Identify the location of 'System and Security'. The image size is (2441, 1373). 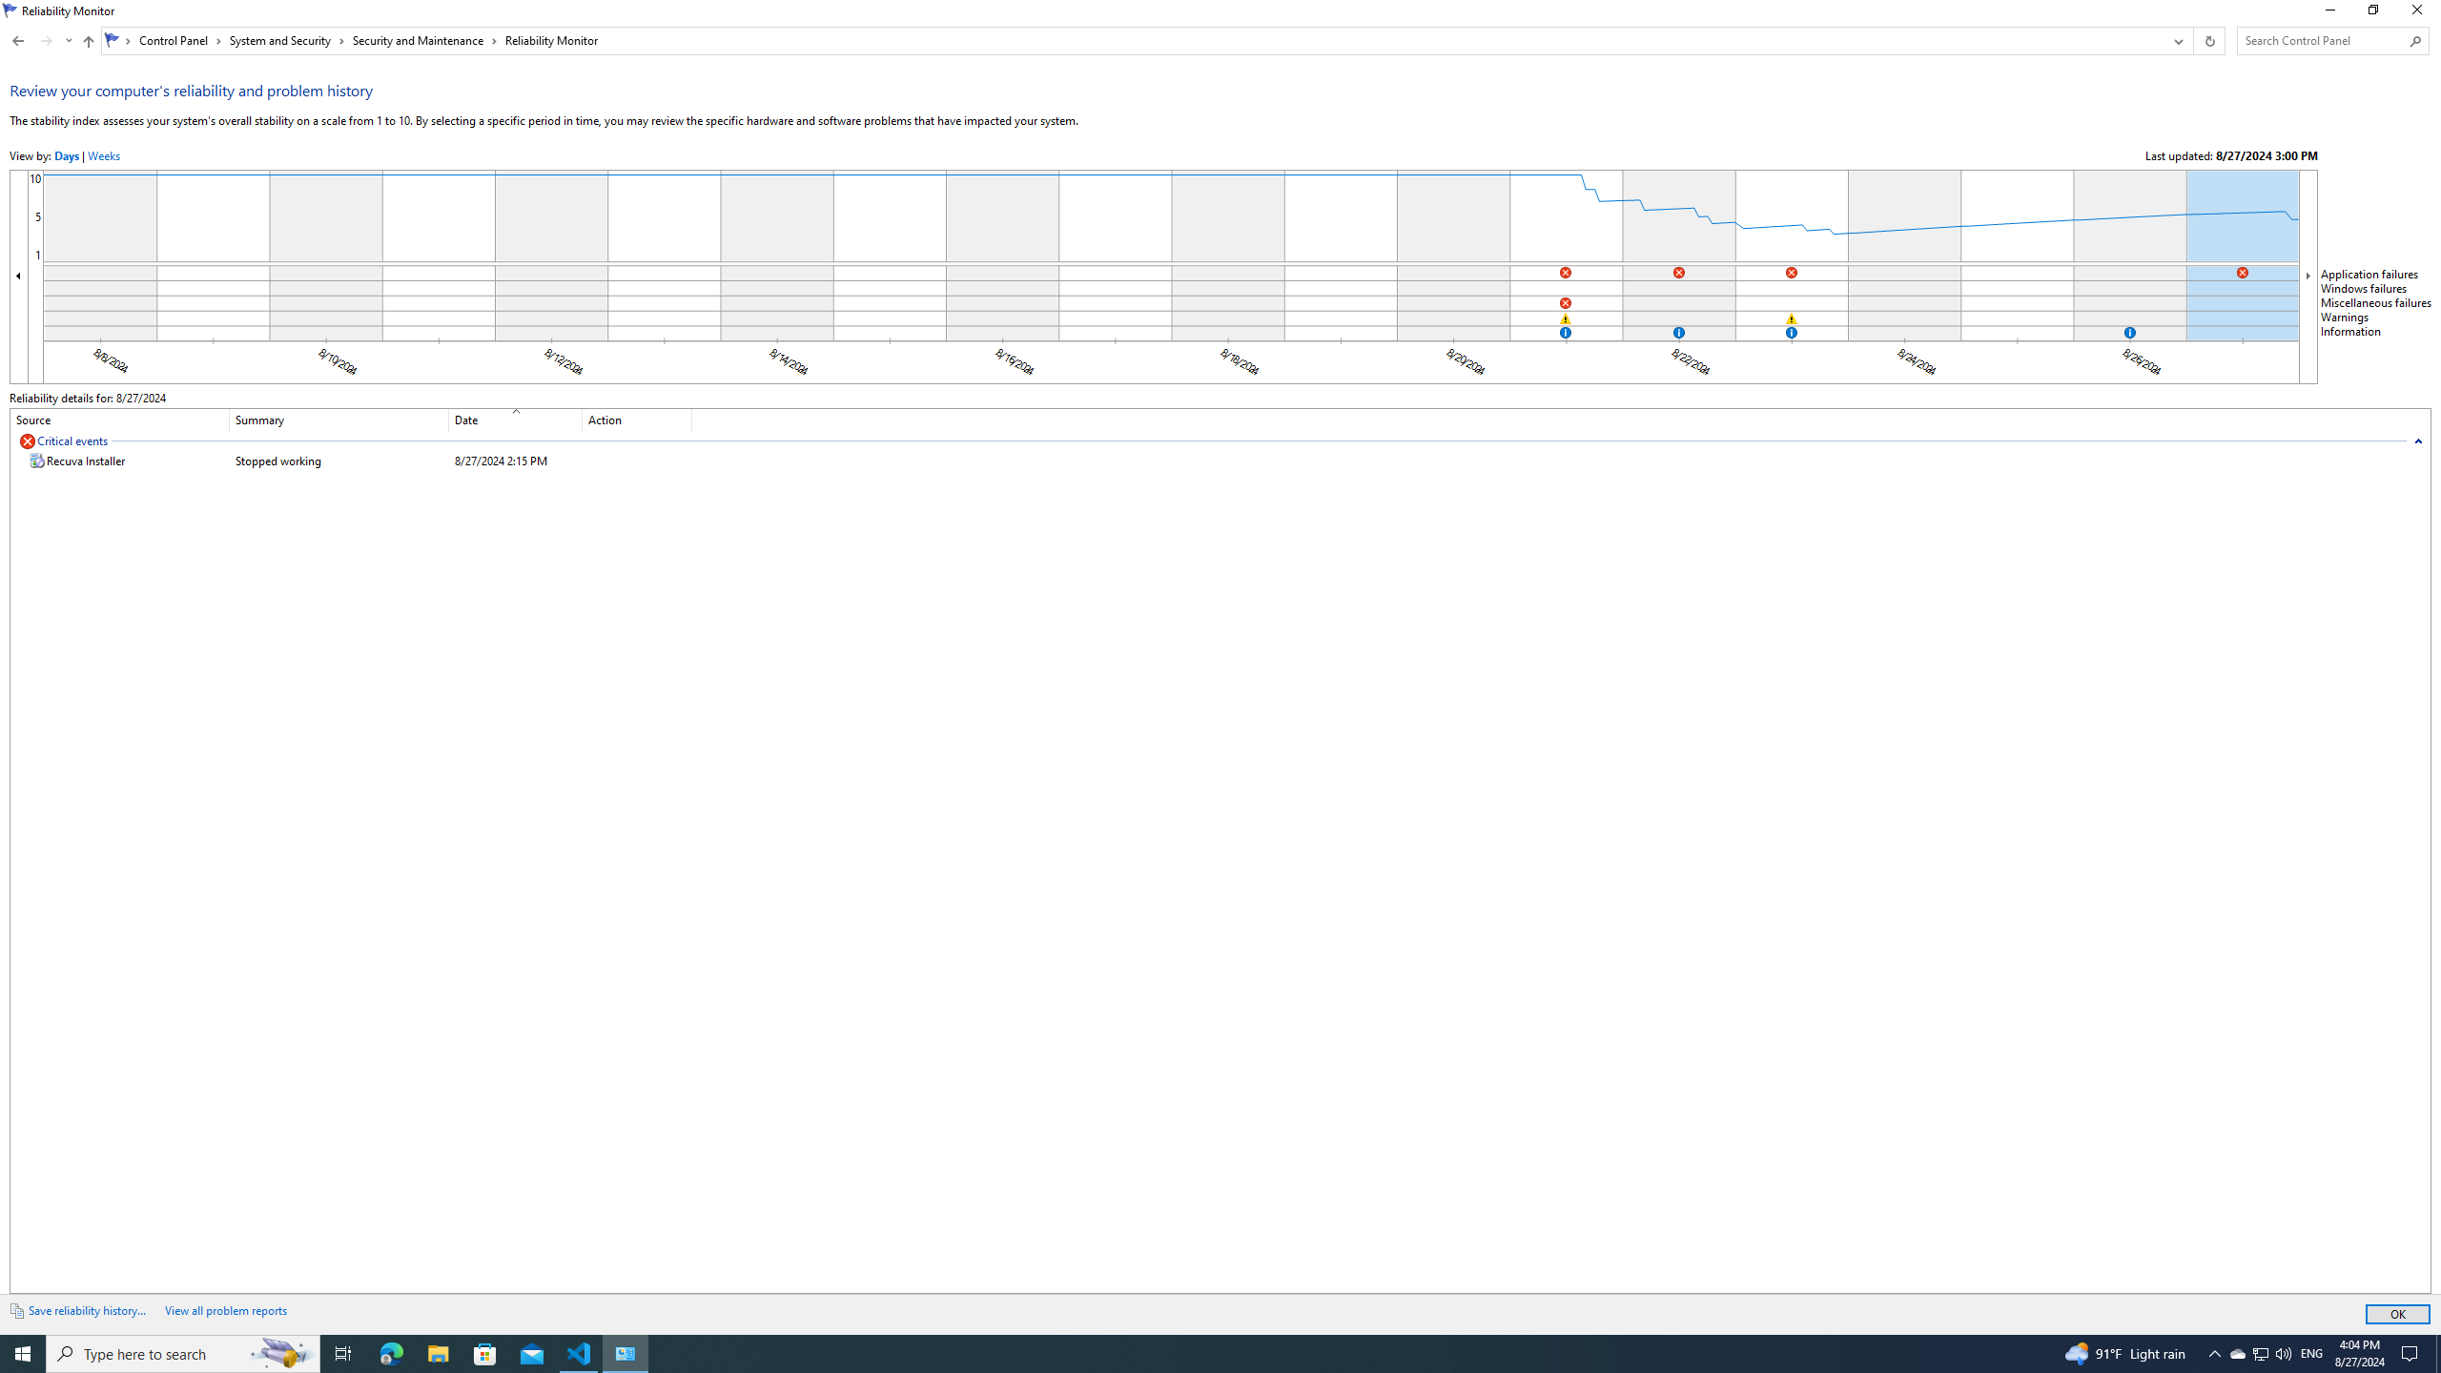
(287, 40).